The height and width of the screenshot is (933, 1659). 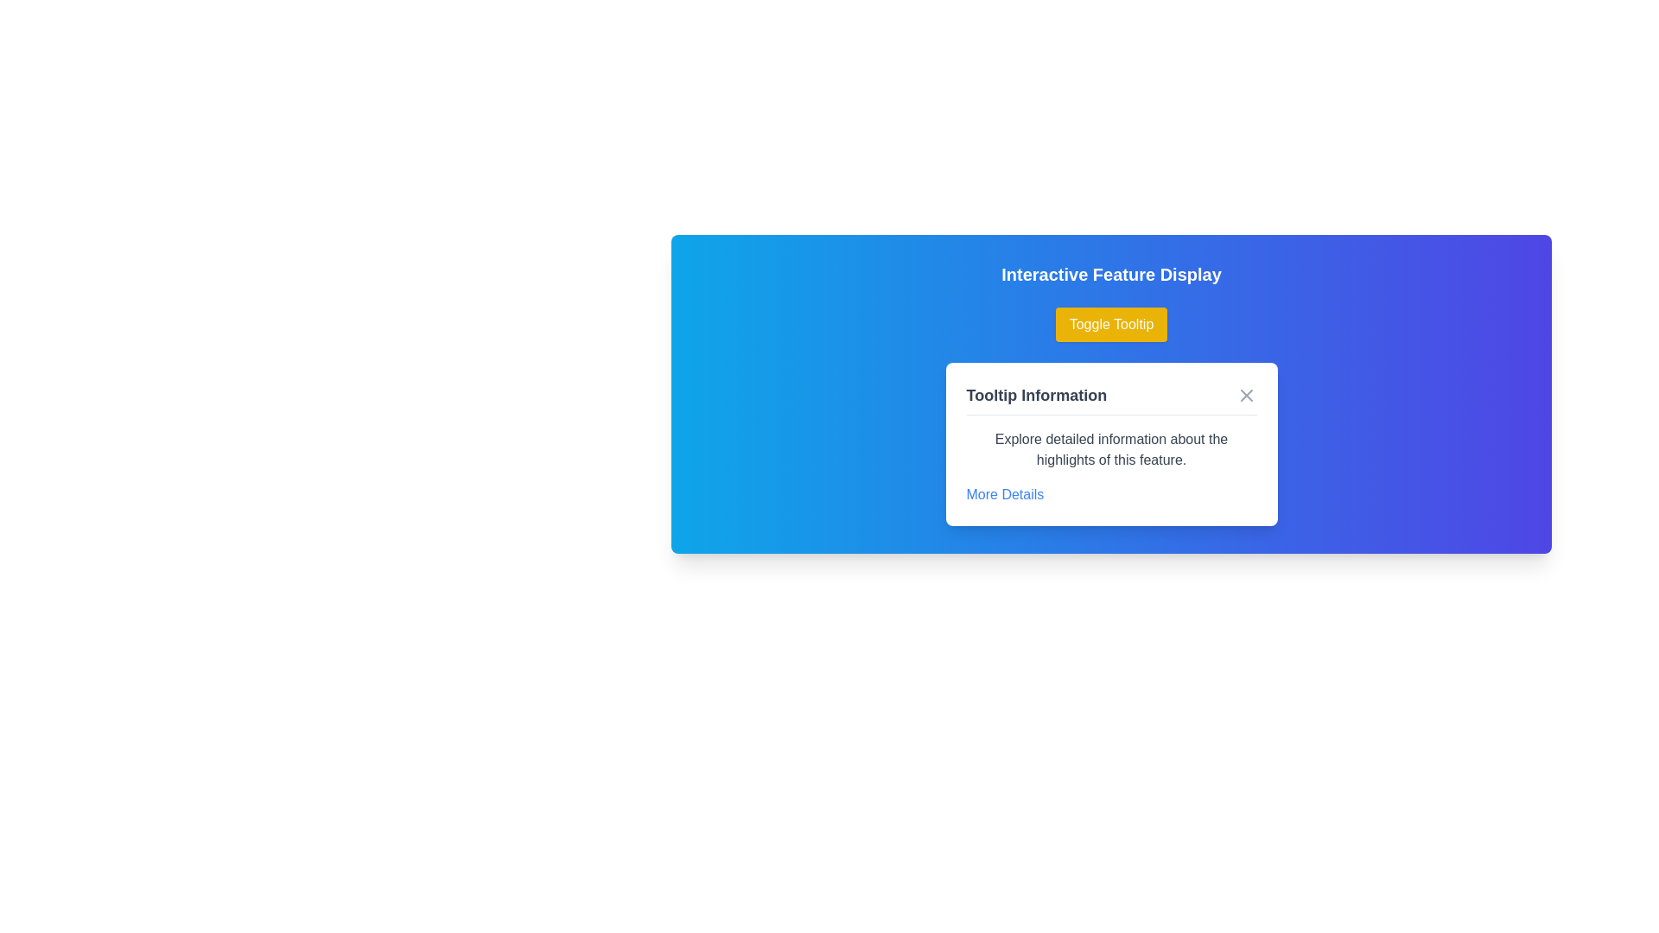 I want to click on the close button represented by an 'X' icon in the upper-right corner of the tooltip box, so click(x=1246, y=396).